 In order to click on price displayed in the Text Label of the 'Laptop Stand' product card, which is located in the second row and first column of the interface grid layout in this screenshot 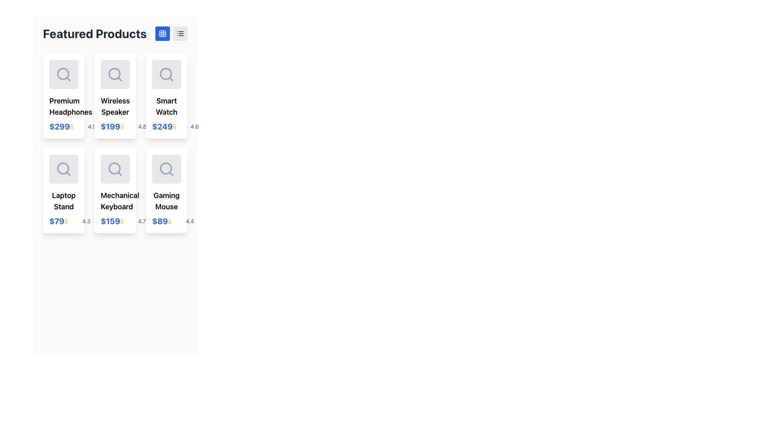, I will do `click(56, 221)`.